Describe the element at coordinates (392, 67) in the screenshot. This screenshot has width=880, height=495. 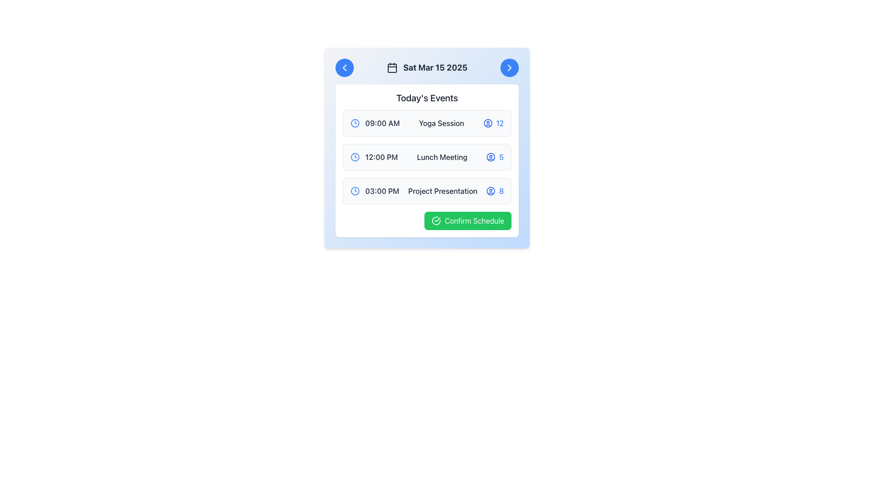
I see `the small monochrome calendar icon located to the left of the date text 'Sat Mar 15 2025' in the header of the calendar interface` at that location.